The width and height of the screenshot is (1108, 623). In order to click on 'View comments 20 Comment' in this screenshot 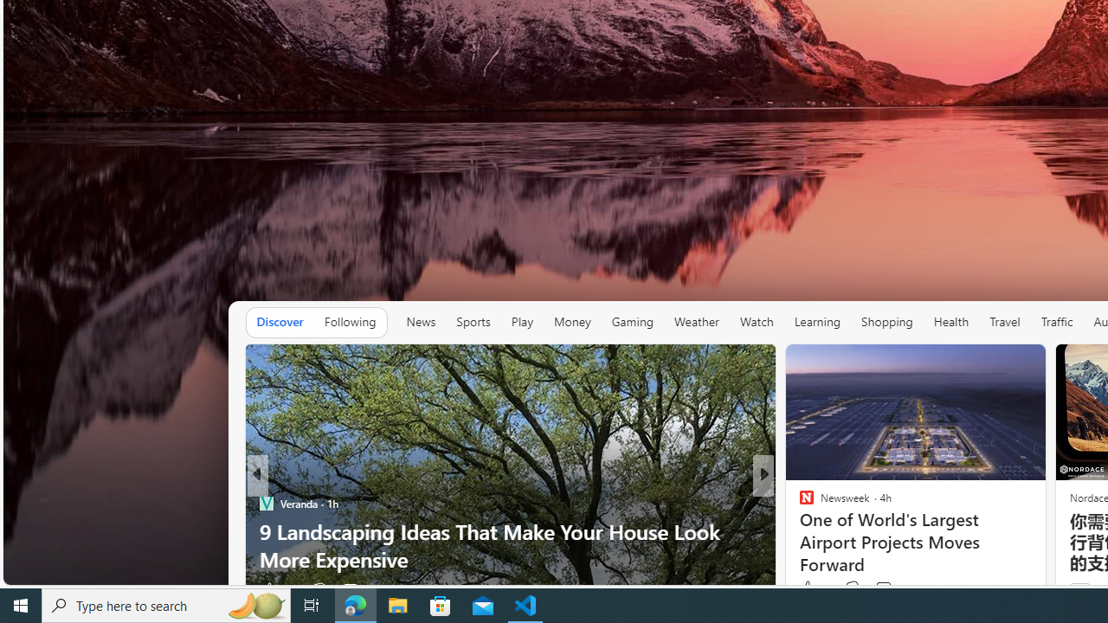, I will do `click(878, 588)`.